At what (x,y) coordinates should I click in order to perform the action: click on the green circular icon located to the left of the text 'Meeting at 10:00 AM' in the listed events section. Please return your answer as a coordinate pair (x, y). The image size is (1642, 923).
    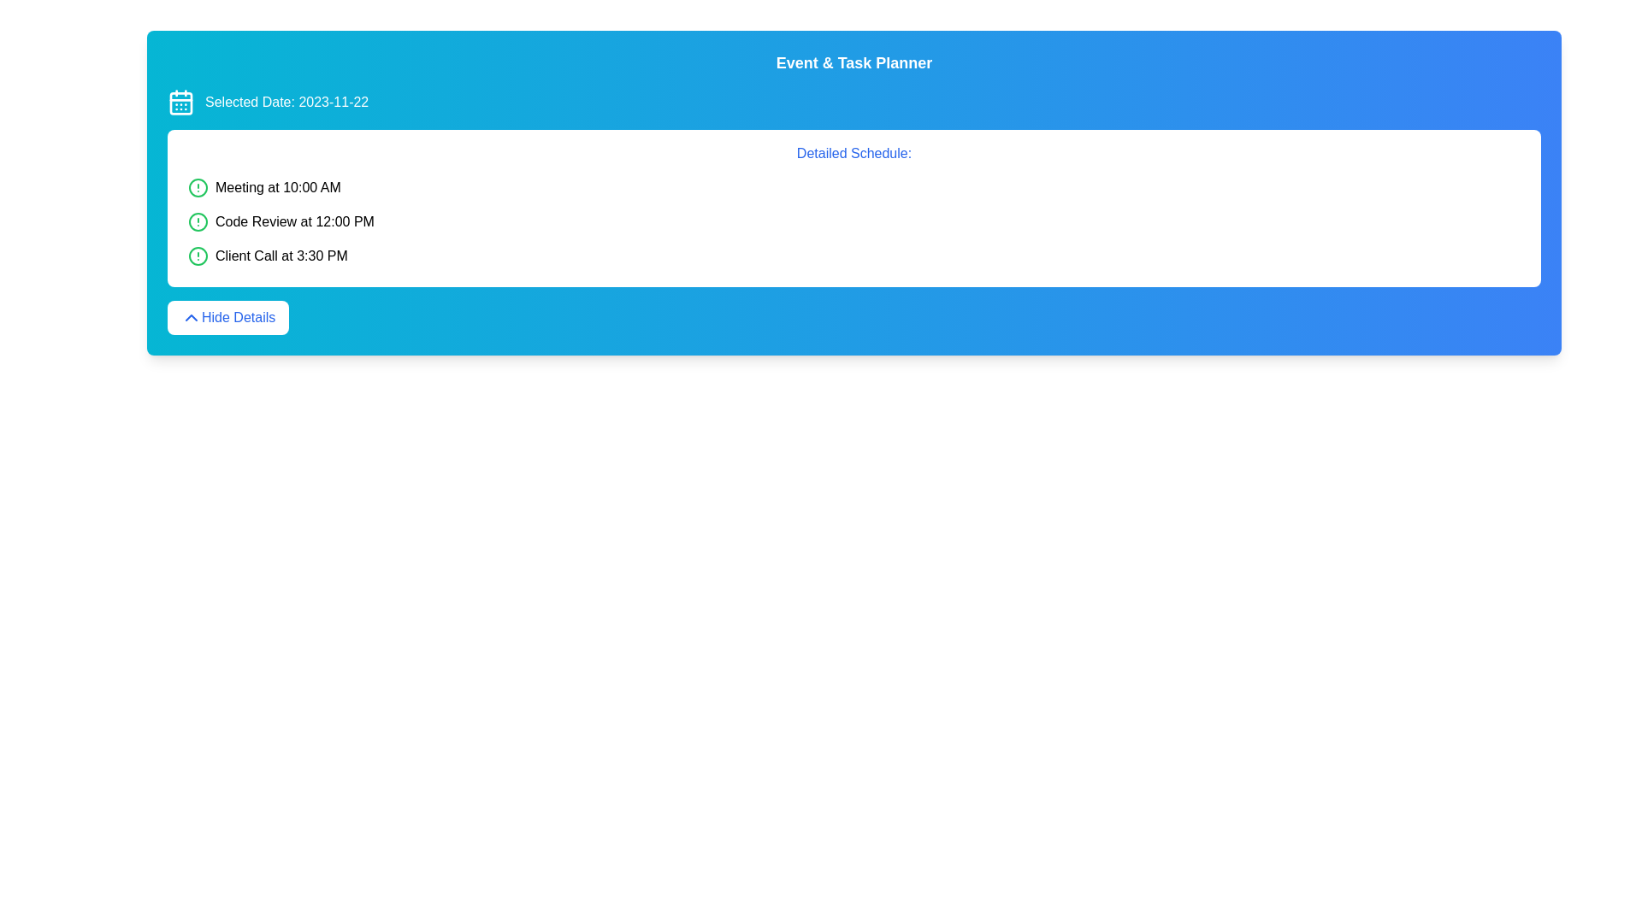
    Looking at the image, I should click on (198, 187).